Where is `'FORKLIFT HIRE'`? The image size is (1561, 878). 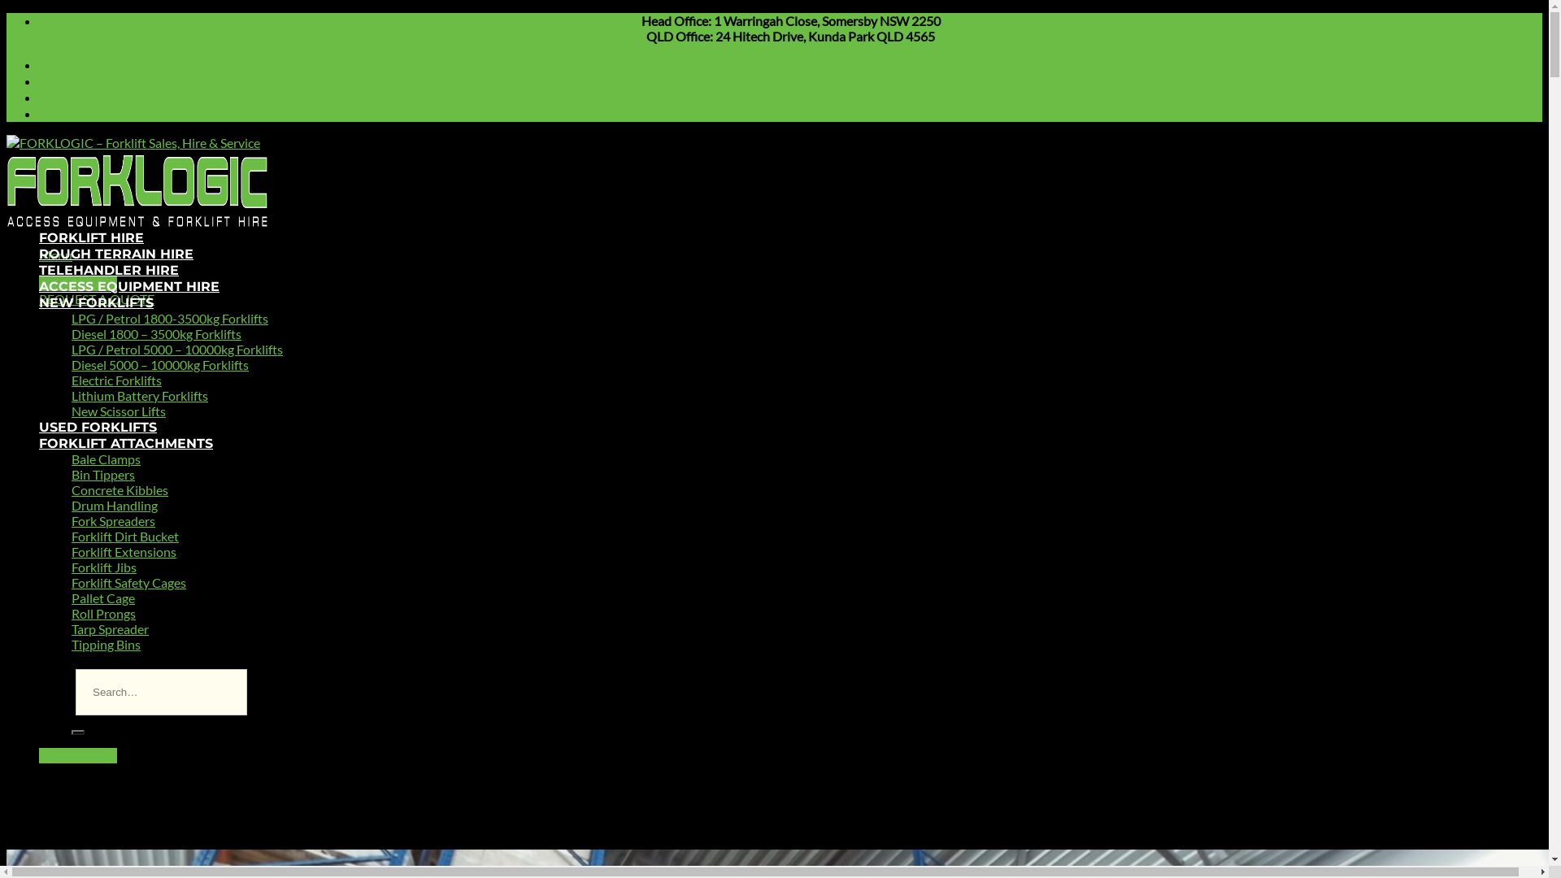 'FORKLIFT HIRE' is located at coordinates (90, 237).